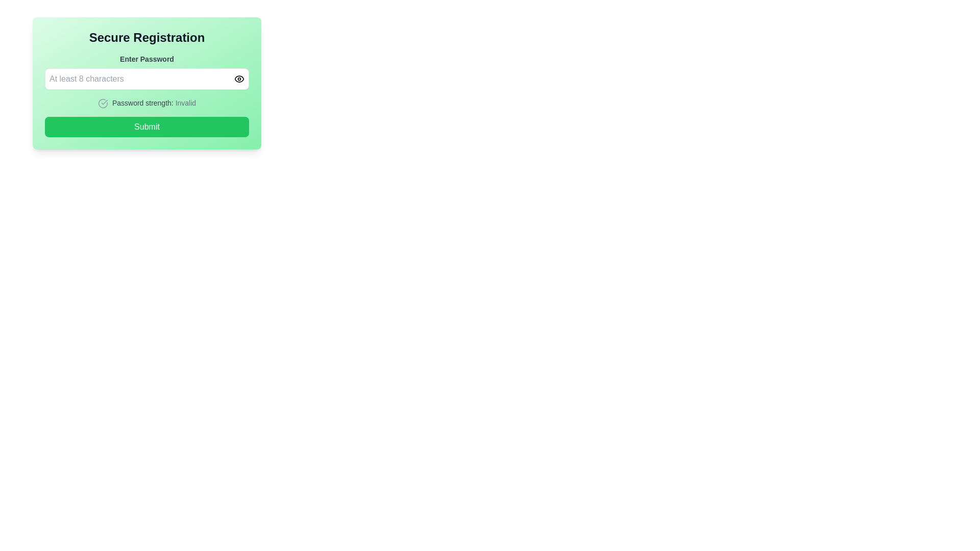  I want to click on the submit button located at the bottom of the registration form, so click(146, 127).